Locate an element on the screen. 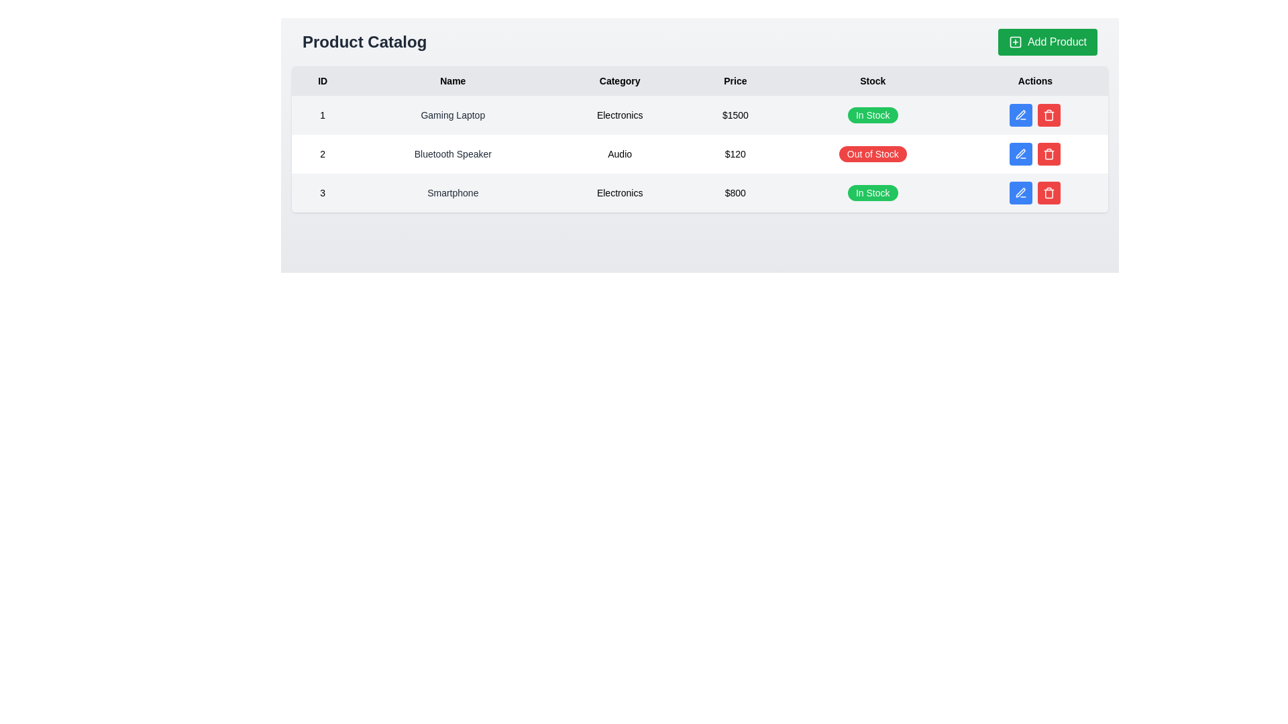 The image size is (1288, 724). the trash icon in the 'Actions' column of the second row of the table associated with the 'Bluetooth Speaker' product is located at coordinates (1049, 154).